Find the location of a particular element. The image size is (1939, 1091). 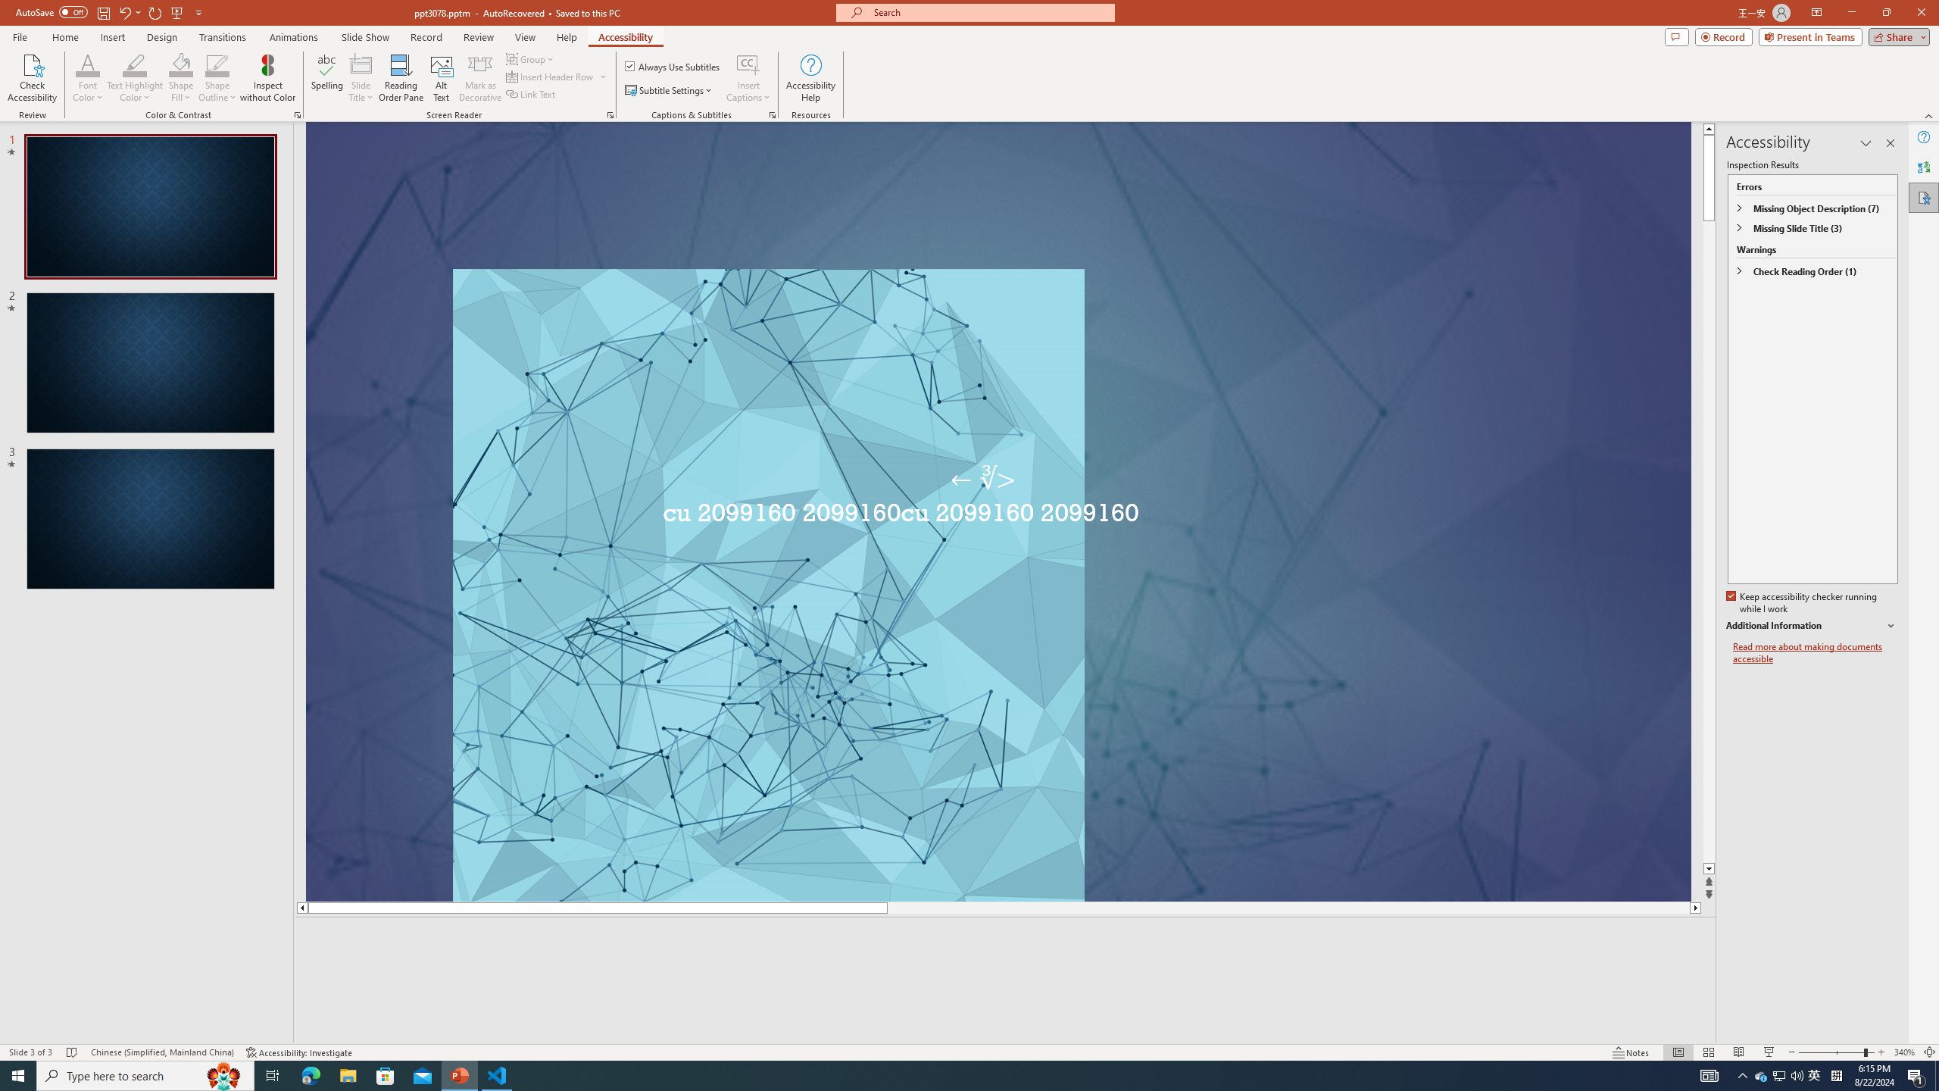

'An abstract genetic concept' is located at coordinates (1013, 526).